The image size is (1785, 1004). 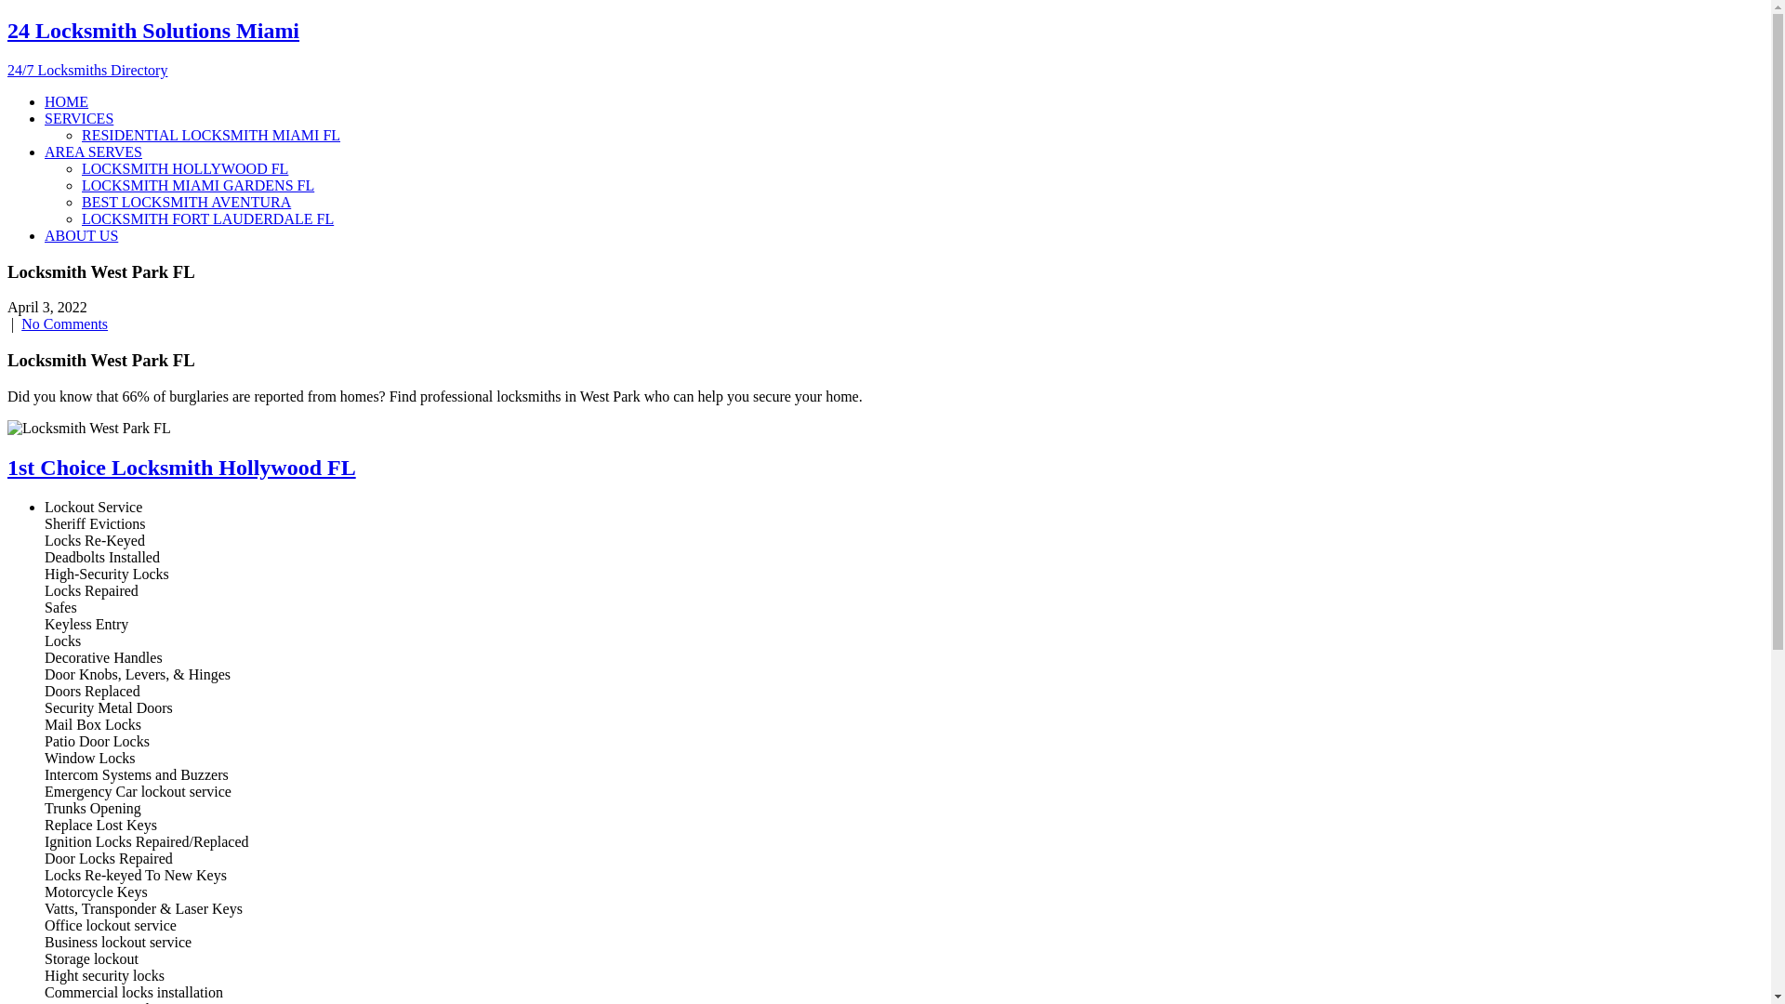 I want to click on 'LOCKSMITH FORT LAUDERDALE FL', so click(x=207, y=218).